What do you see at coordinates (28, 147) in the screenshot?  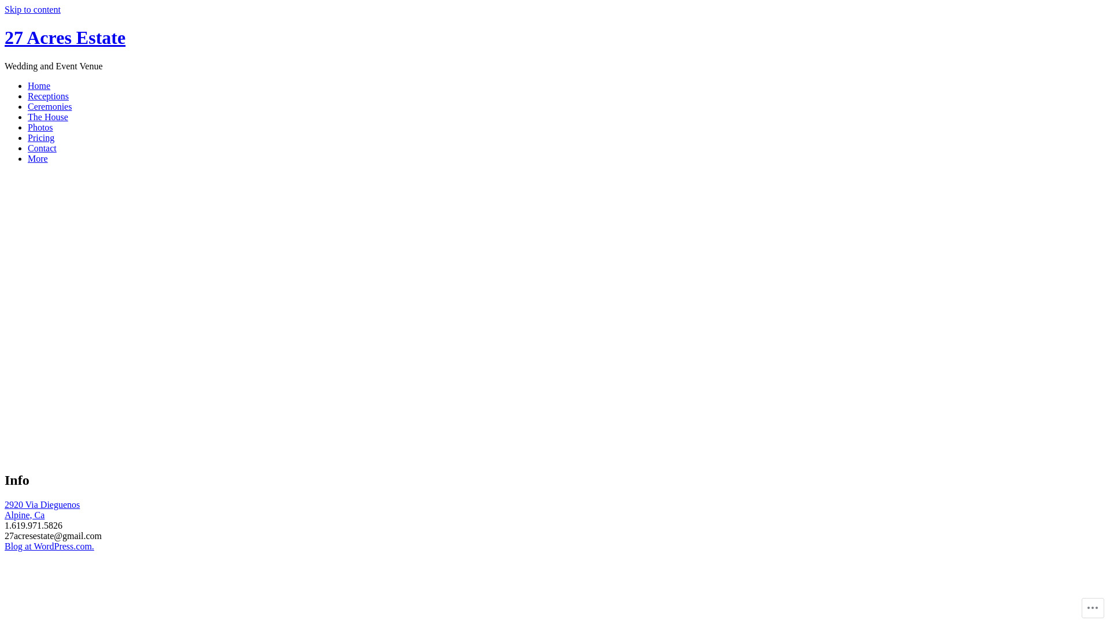 I see `'Contact'` at bounding box center [28, 147].